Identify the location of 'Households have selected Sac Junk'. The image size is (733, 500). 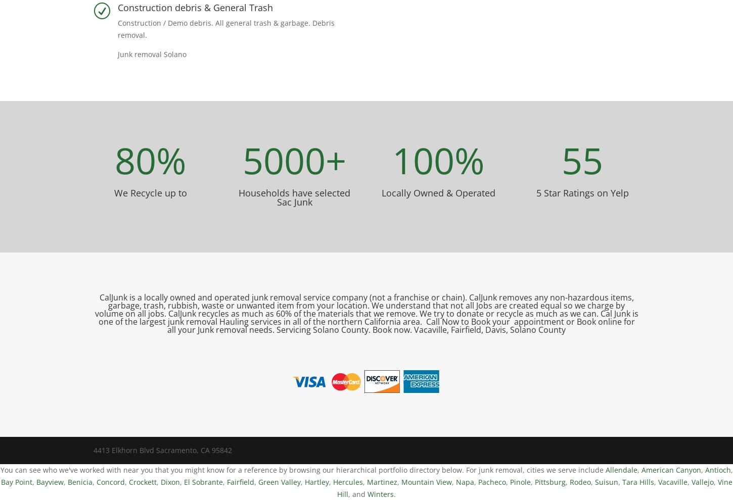
(294, 197).